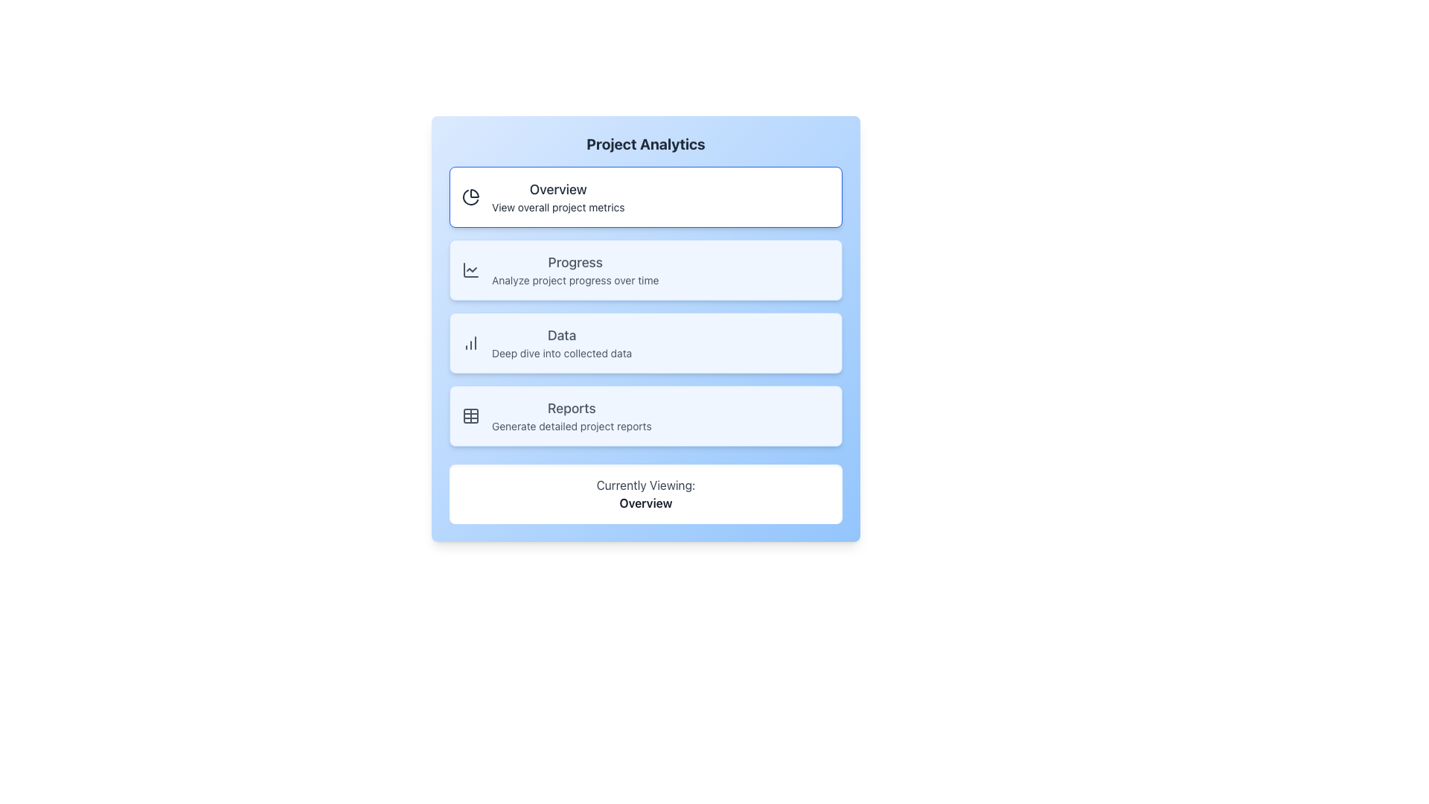 The image size is (1429, 804). Describe the element at coordinates (470, 197) in the screenshot. I see `the pie chart icon located in the top-left corner of the 'Overview' section within the card UI component labeled 'Overview' with the subtitle 'View overall project metrics'` at that location.